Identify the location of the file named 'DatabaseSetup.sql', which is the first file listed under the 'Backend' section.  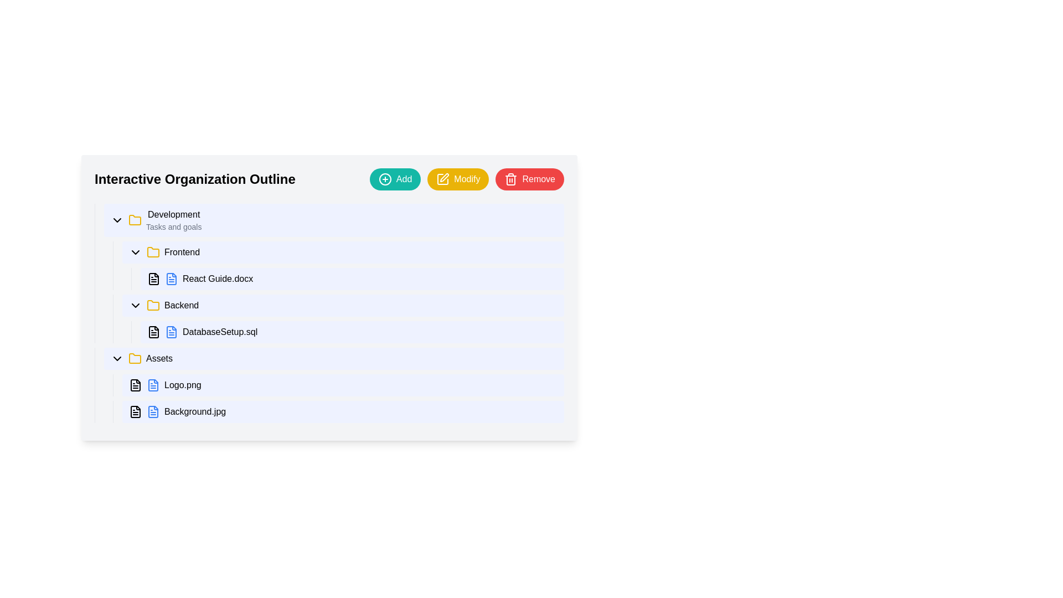
(342, 332).